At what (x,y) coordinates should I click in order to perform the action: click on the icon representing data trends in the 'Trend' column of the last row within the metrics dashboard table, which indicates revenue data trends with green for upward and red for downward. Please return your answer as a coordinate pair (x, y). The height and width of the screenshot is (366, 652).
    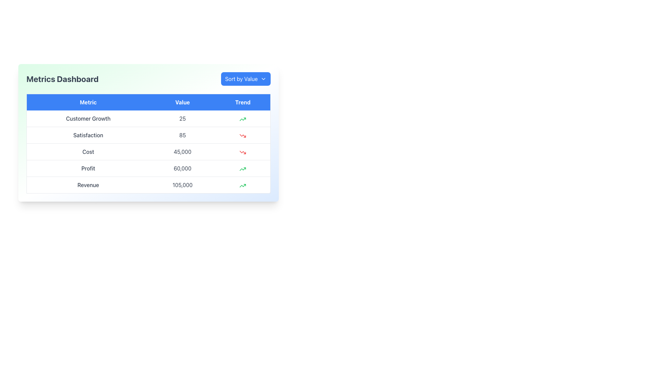
    Looking at the image, I should click on (243, 185).